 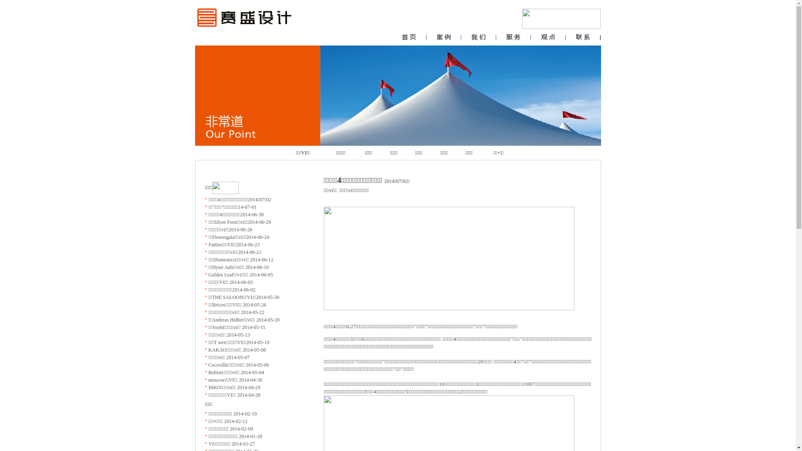 What do you see at coordinates (251, 372) in the screenshot?
I see `'2014-05-04'` at bounding box center [251, 372].